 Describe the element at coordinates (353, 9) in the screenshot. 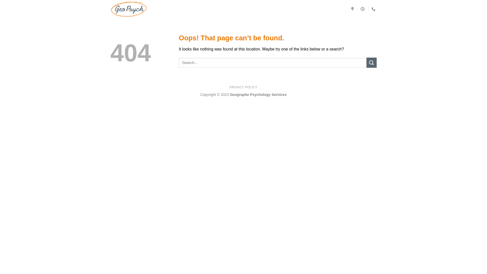

I see `'73 Bussell Highway, West Busselton WA 6280'` at that location.